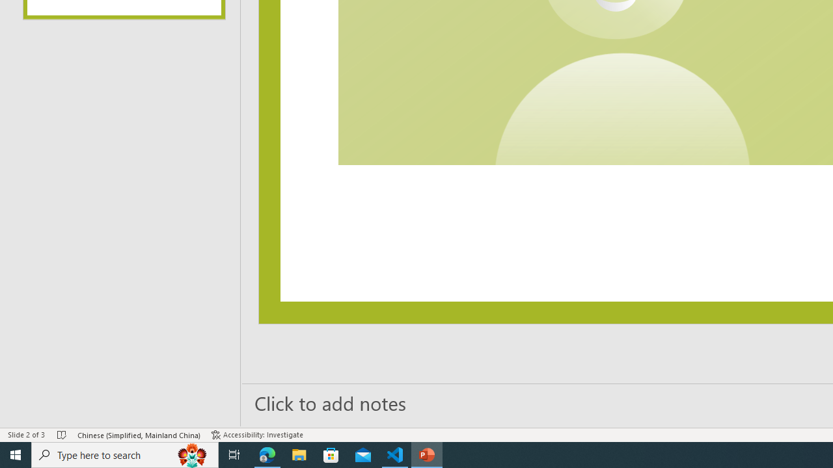 The image size is (833, 468). What do you see at coordinates (62, 435) in the screenshot?
I see `'Spell Check No Errors'` at bounding box center [62, 435].